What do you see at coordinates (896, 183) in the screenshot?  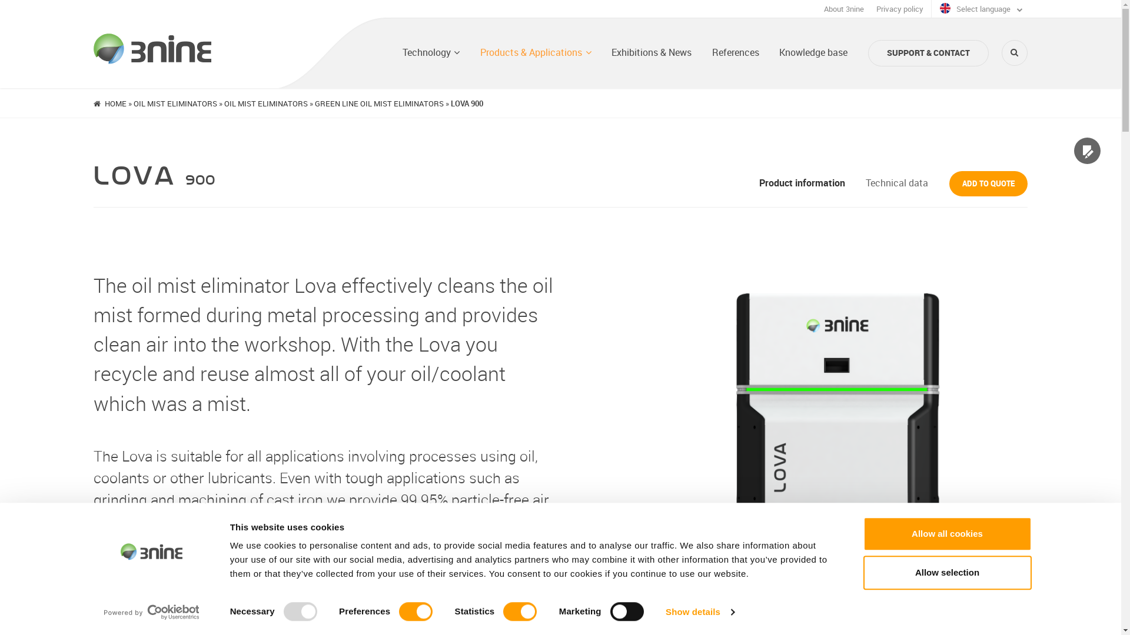 I see `'Technical data'` at bounding box center [896, 183].